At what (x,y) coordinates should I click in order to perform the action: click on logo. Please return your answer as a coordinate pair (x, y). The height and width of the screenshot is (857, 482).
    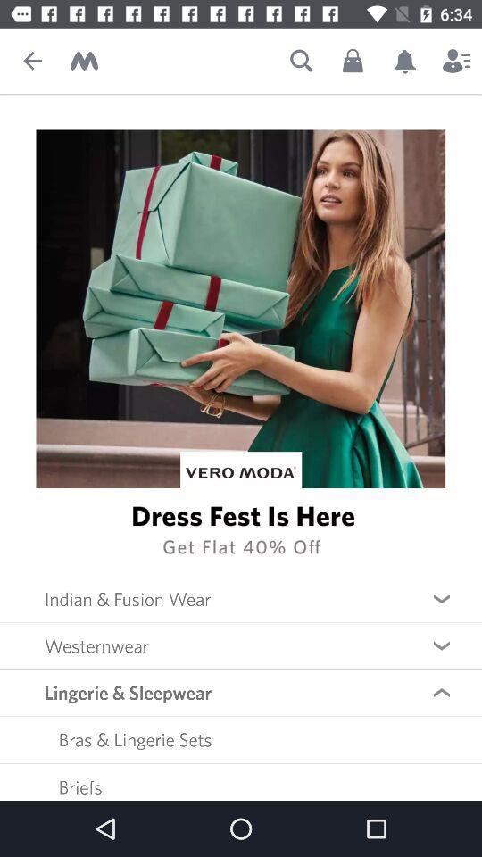
    Looking at the image, I should click on (83, 61).